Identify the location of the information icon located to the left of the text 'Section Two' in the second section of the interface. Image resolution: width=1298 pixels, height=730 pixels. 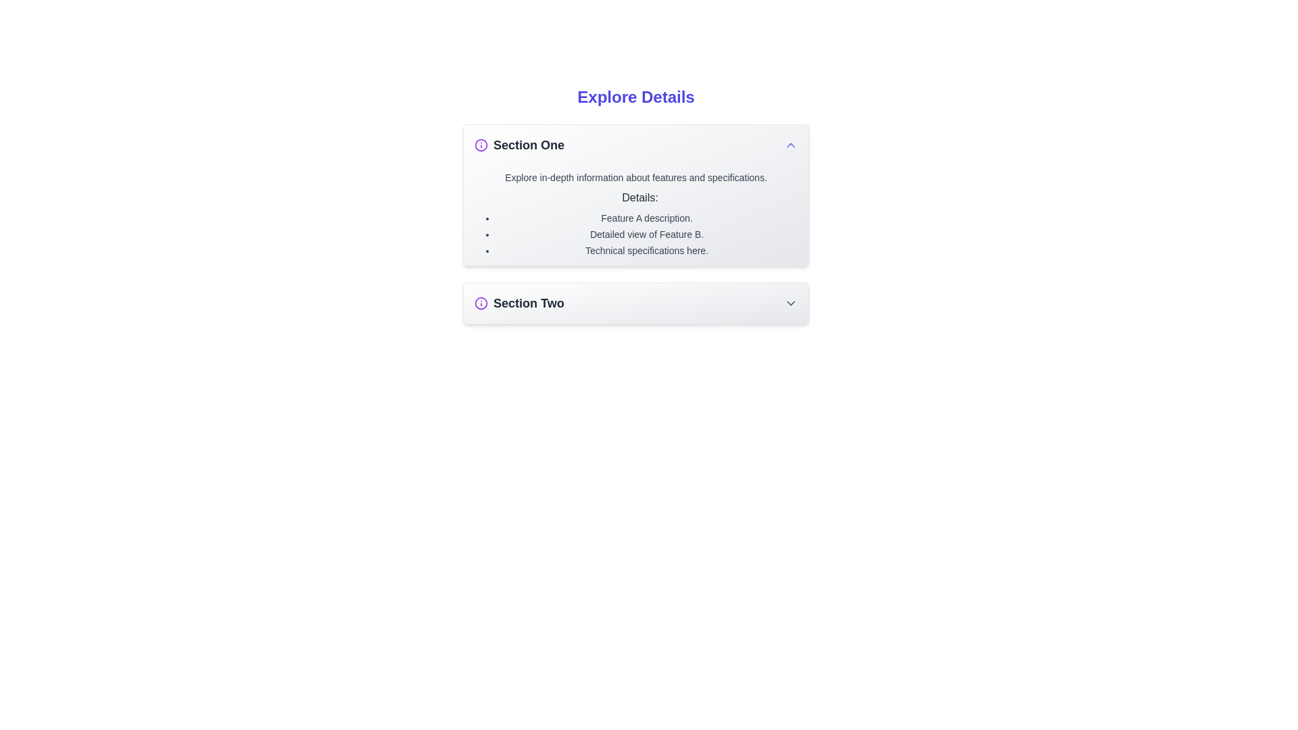
(481, 302).